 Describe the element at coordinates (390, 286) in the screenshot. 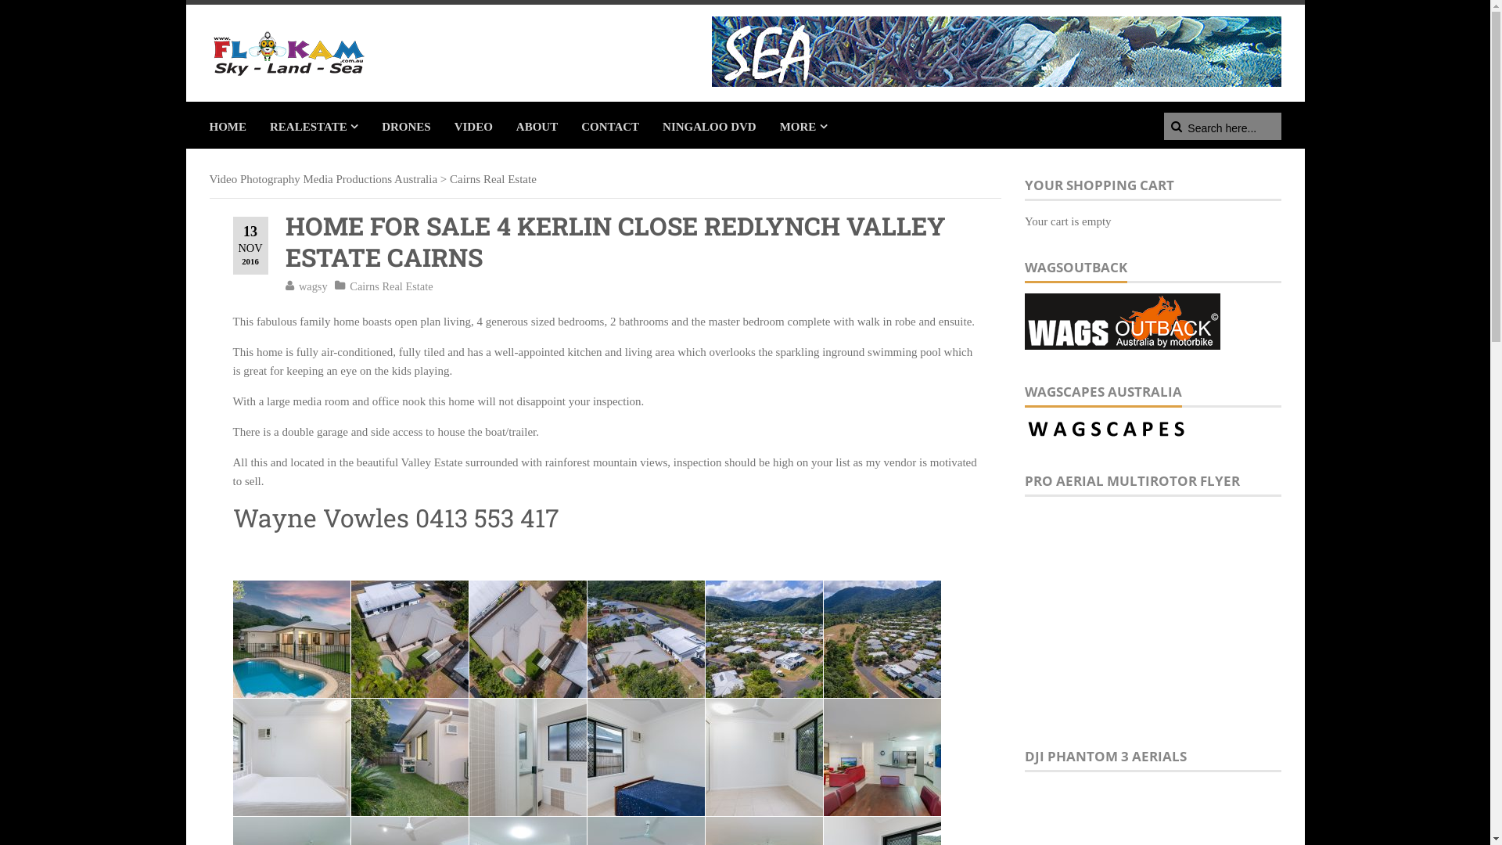

I see `'Cairns Real Estate'` at that location.